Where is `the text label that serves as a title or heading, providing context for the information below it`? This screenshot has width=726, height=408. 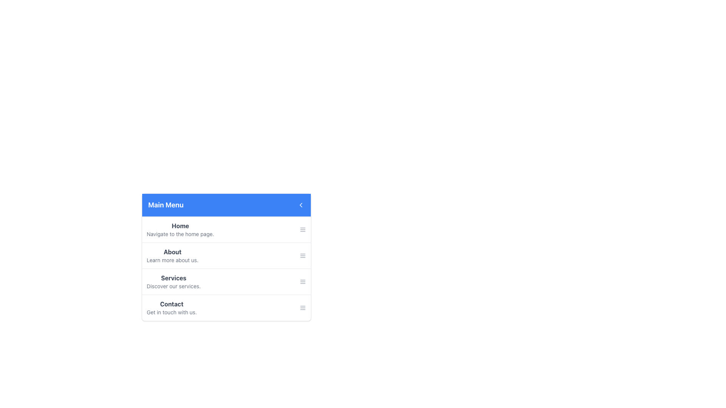
the text label that serves as a title or heading, providing context for the information below it is located at coordinates (171, 304).